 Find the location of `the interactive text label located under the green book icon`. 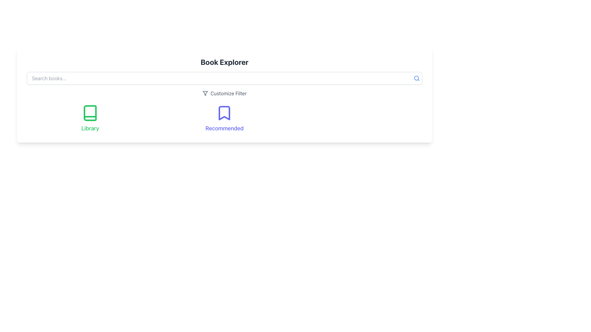

the interactive text label located under the green book icon is located at coordinates (90, 128).